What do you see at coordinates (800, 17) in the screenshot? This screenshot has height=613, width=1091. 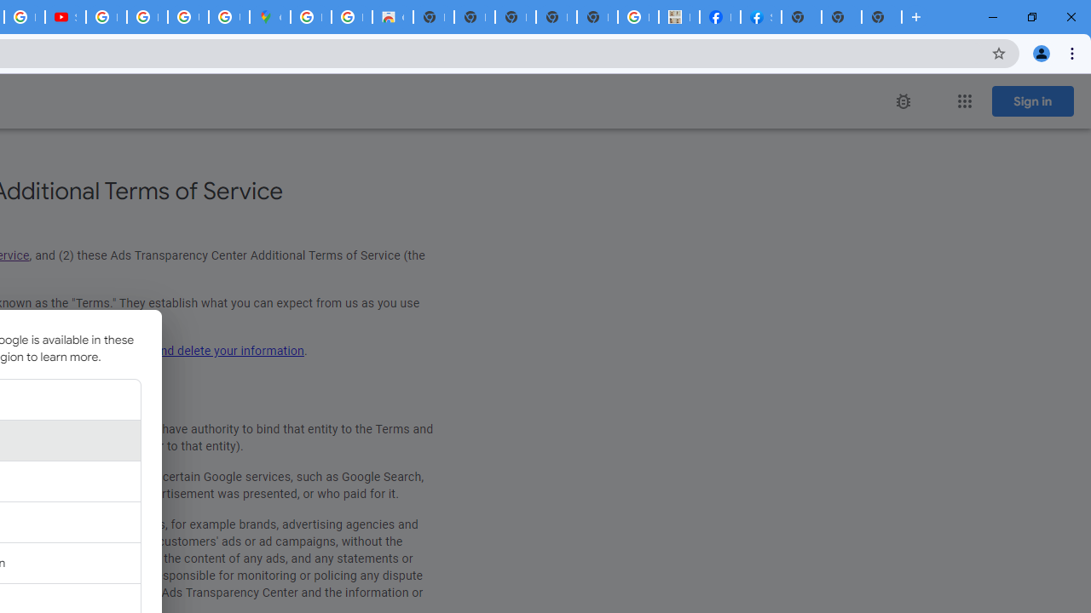 I see `'New Tab'` at bounding box center [800, 17].